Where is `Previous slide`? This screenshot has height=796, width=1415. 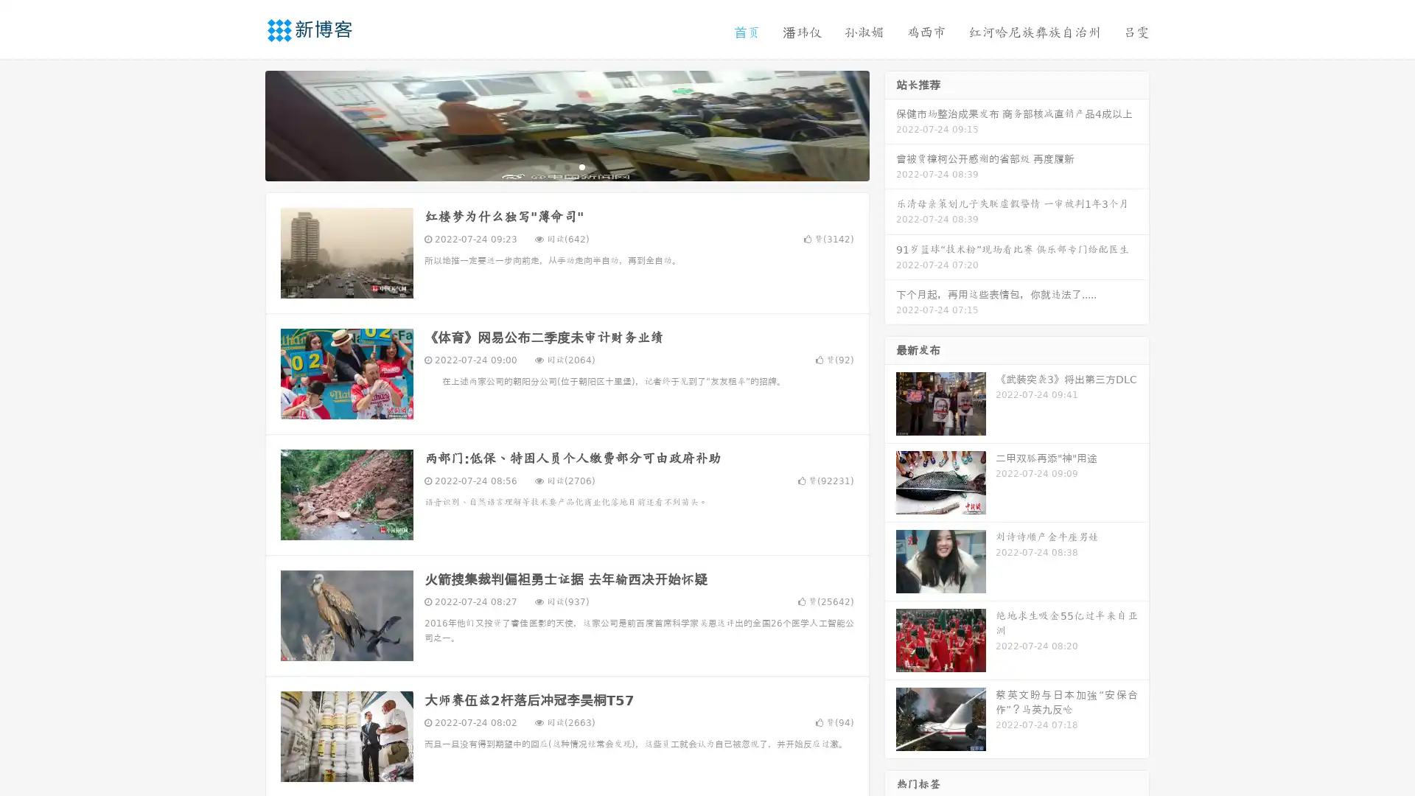 Previous slide is located at coordinates (243, 124).